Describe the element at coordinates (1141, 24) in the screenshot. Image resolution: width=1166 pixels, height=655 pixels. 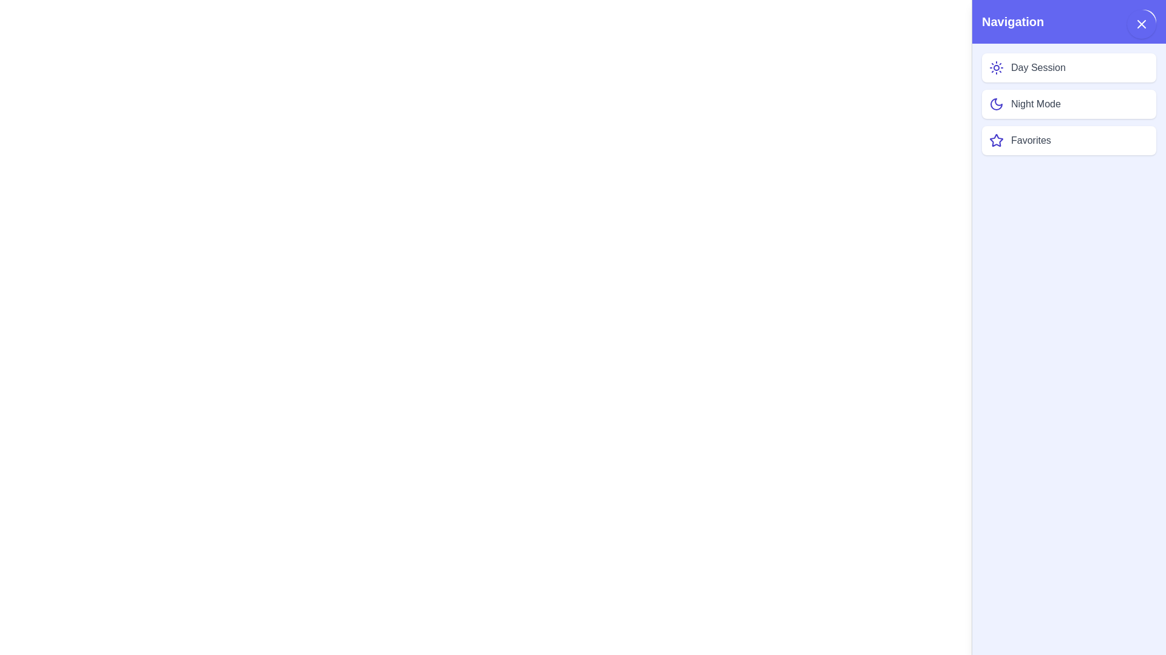
I see `the floating button to toggle the drawer open or closed` at that location.